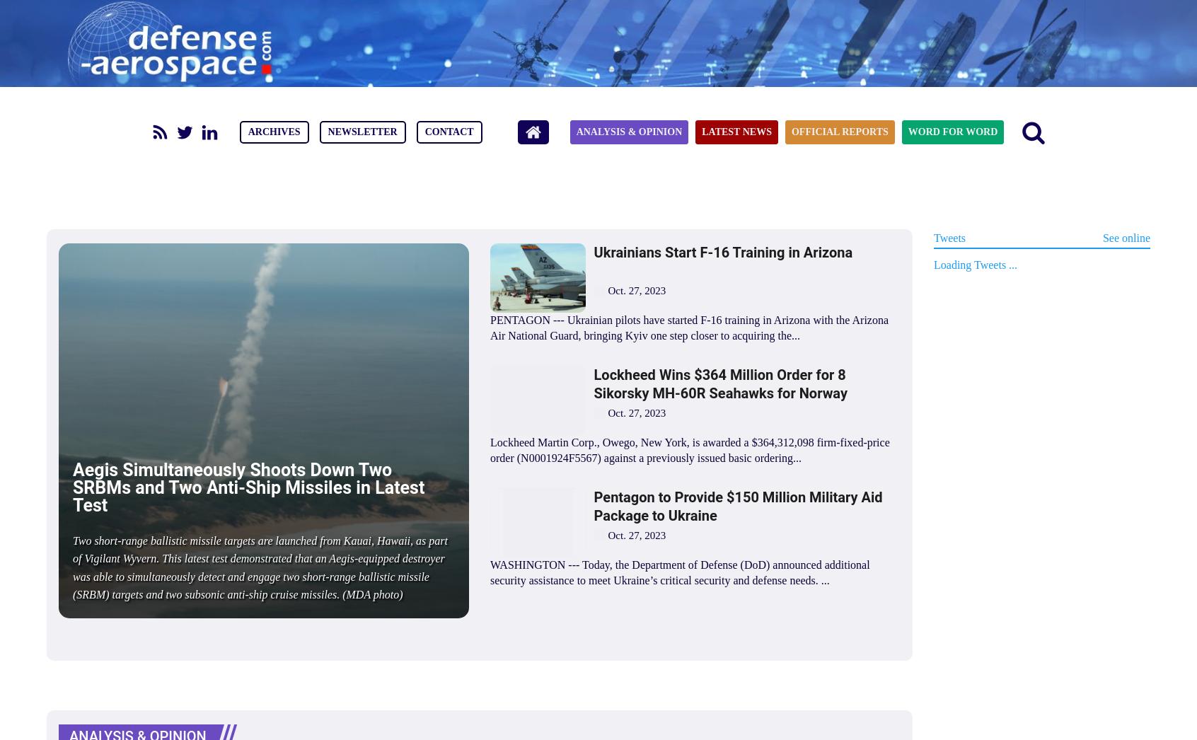 The height and width of the screenshot is (740, 1197). I want to click on 'Analysis & opinion', so click(576, 132).